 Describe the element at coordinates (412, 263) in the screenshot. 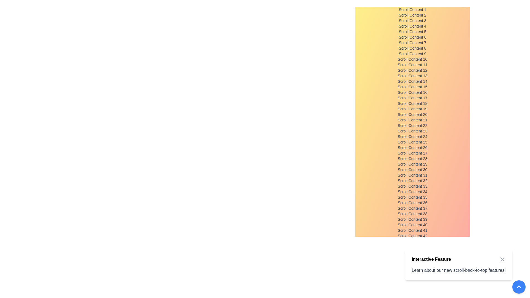

I see `information displayed in the forty-seventh text label of a vertical list, which is part of a scrollable content area` at that location.